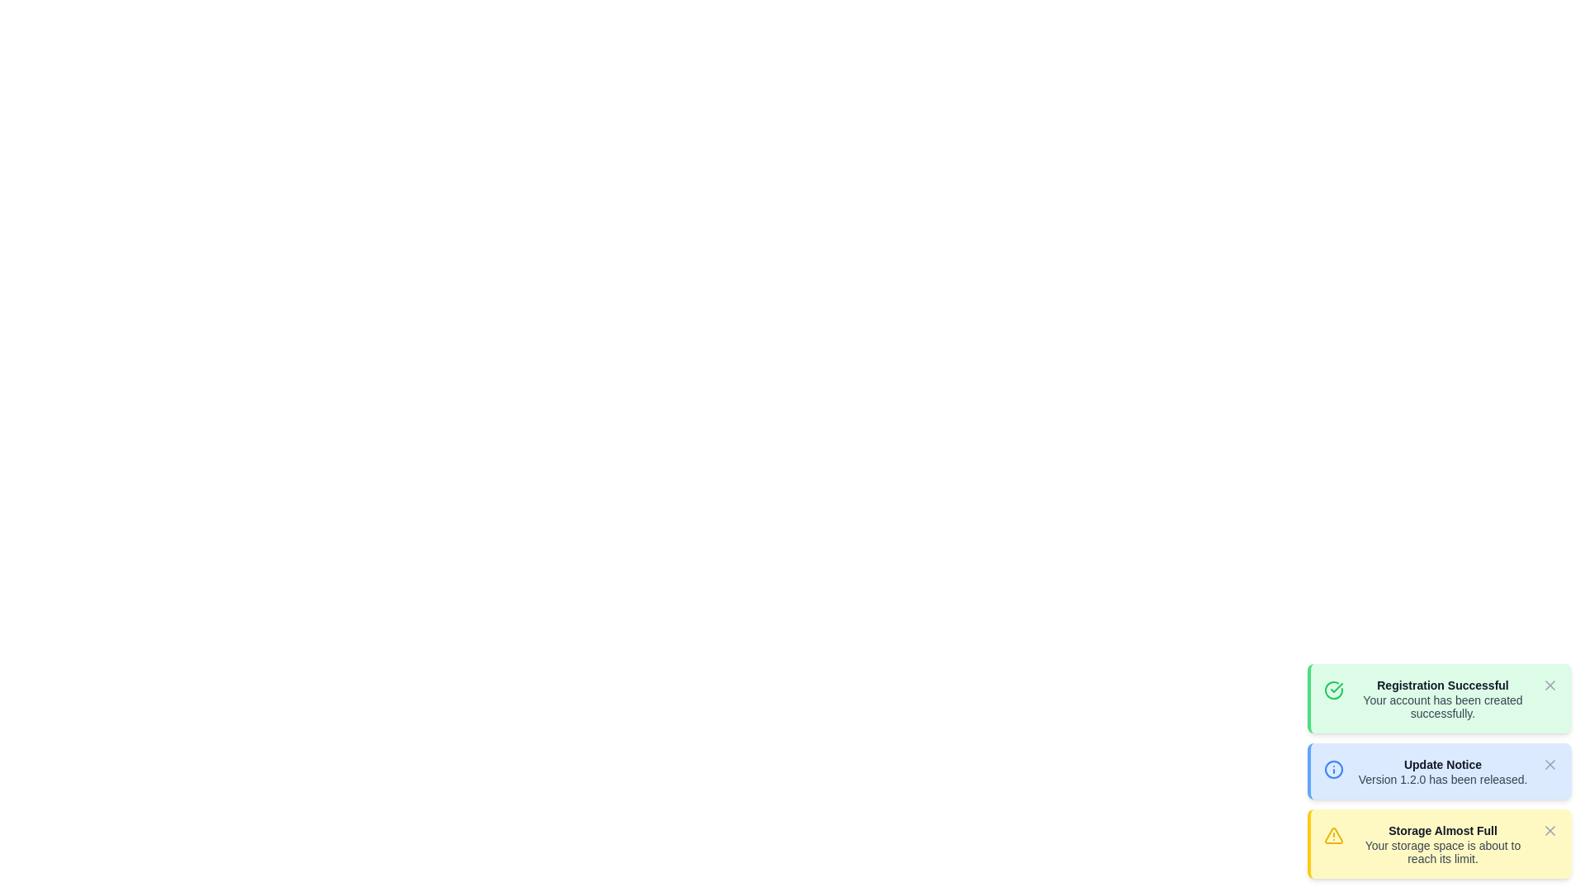  What do you see at coordinates (1441, 852) in the screenshot?
I see `text content 'Your storage space is about to reach its limit.' displayed in a smaller gray font within the yellow alert box, positioned below the bold text 'Storage Almost Full'` at bounding box center [1441, 852].